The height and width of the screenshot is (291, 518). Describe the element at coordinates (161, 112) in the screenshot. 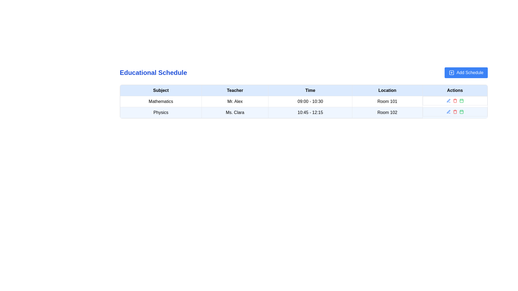

I see `text from the 'Physics' label located in the second row of the table under the 'Subject' column` at that location.